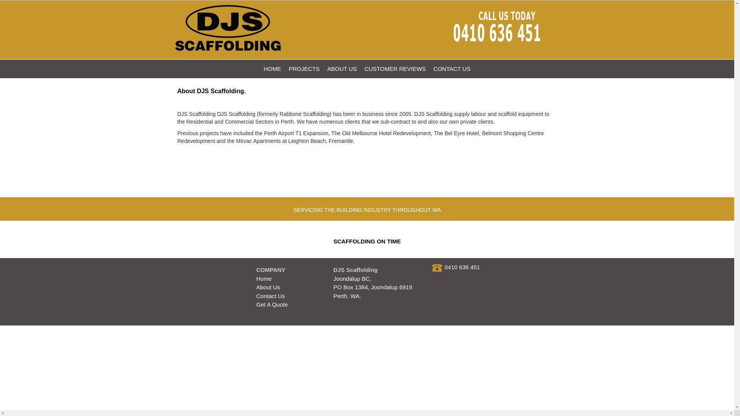 This screenshot has height=416, width=740. Describe the element at coordinates (341, 68) in the screenshot. I see `'ABOUT US'` at that location.